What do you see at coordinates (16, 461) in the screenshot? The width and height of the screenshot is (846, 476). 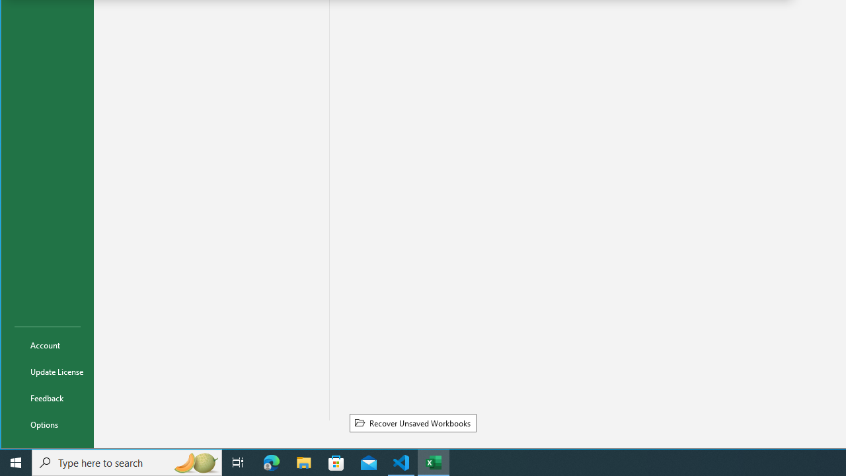 I see `'Start'` at bounding box center [16, 461].